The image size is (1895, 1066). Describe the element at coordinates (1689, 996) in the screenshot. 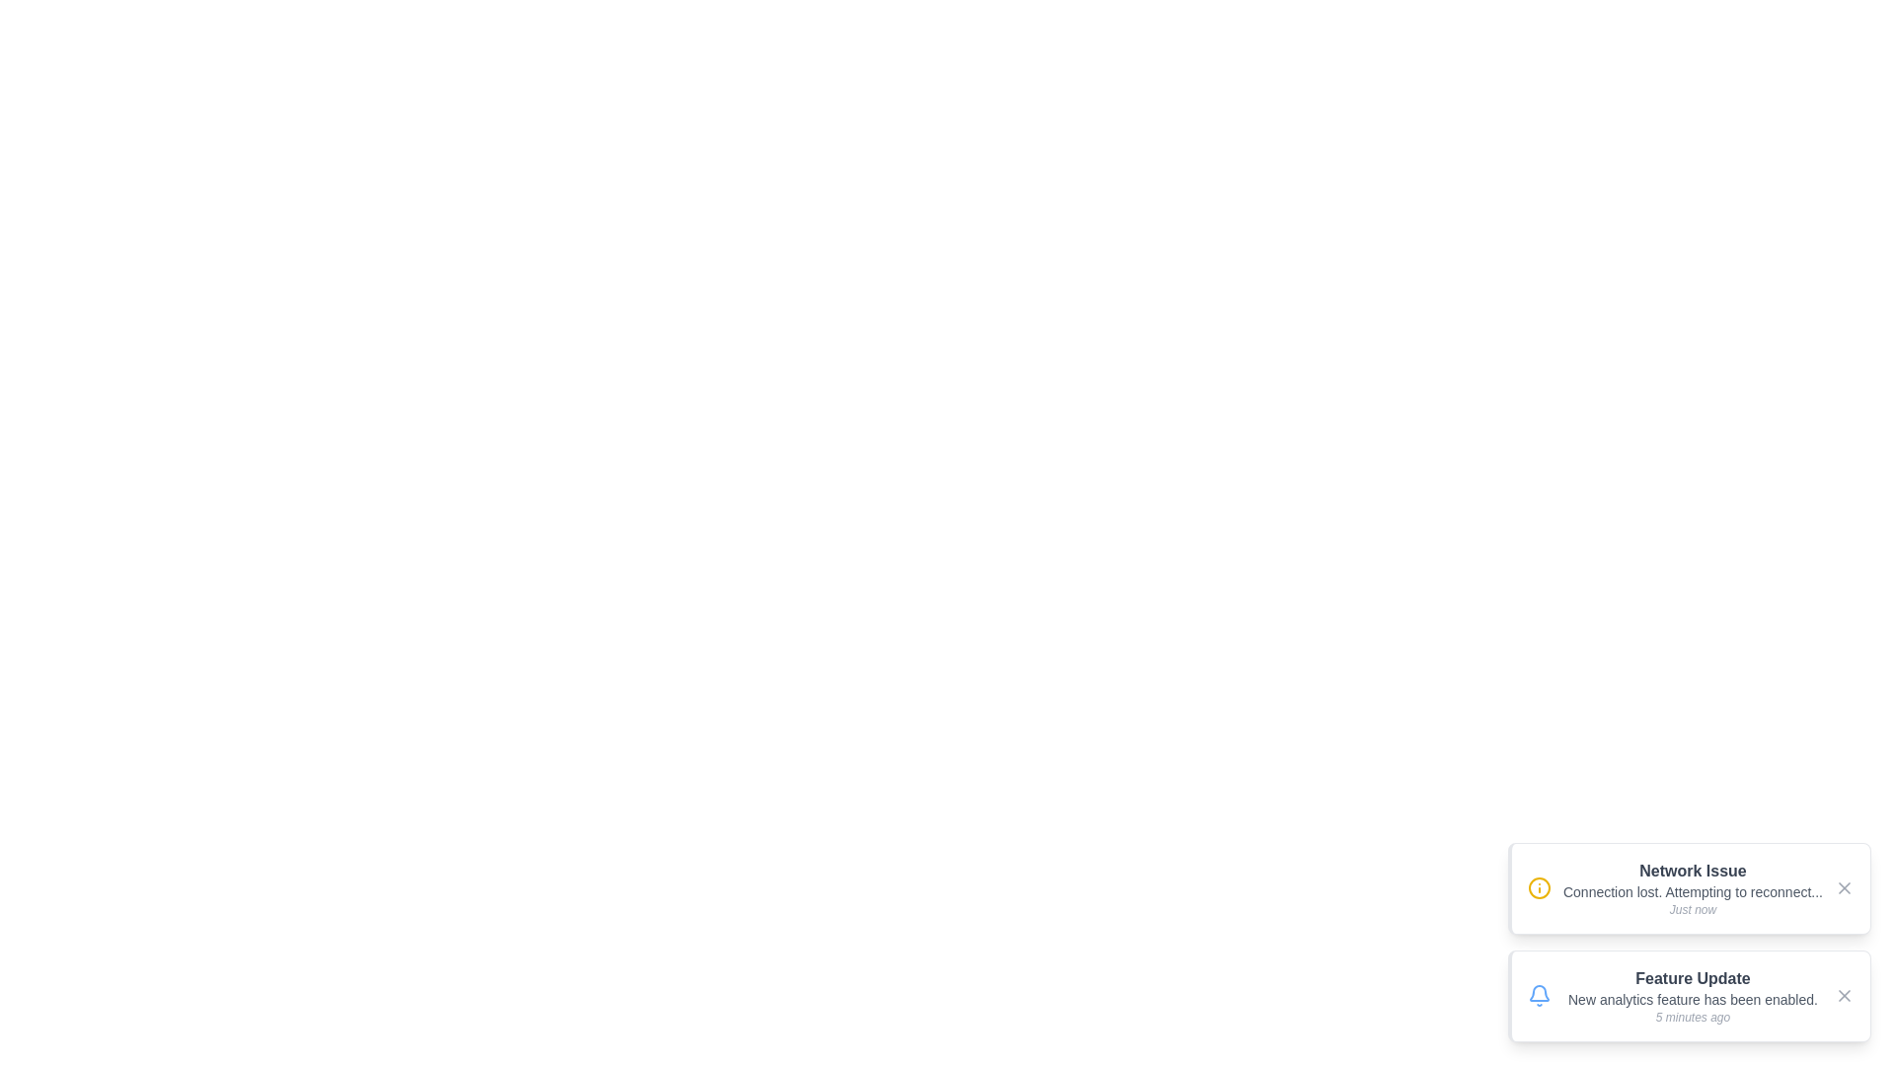

I see `the notification to view its details. The parameter 2 specifies which notification to interact with` at that location.